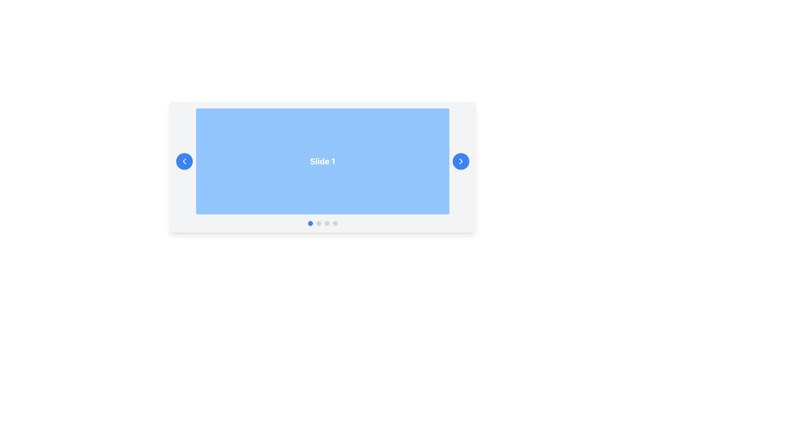 The height and width of the screenshot is (447, 796). What do you see at coordinates (461, 161) in the screenshot?
I see `the right-pointing chevron icon within the circular blue button` at bounding box center [461, 161].